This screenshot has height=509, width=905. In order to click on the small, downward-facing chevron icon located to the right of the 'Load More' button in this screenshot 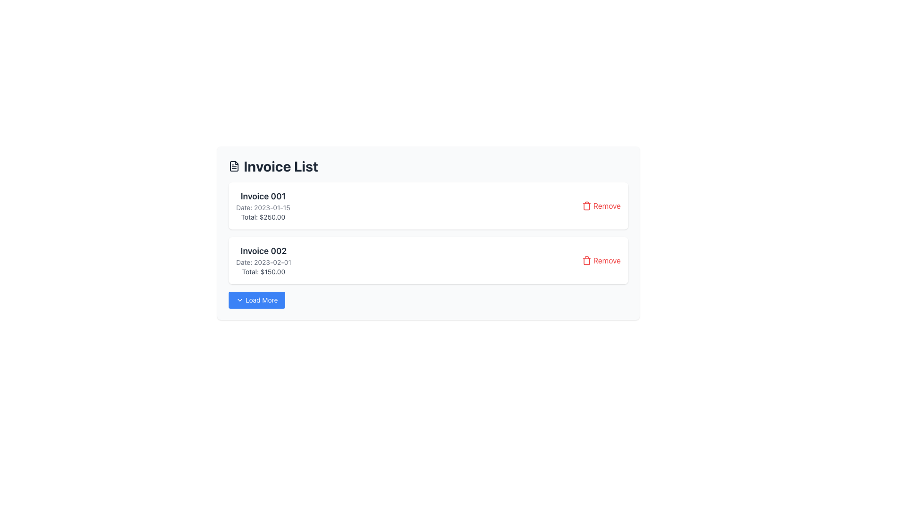, I will do `click(239, 300)`.